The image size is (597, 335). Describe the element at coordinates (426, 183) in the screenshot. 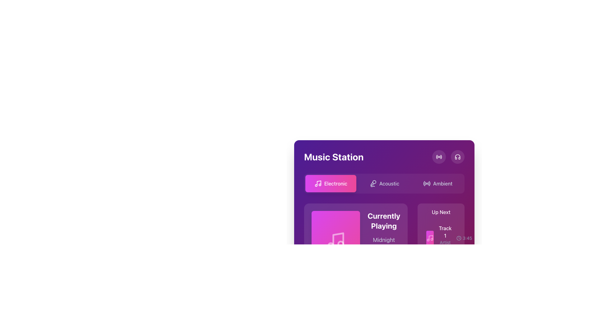

I see `the leftmost radio wave icon within the 'Ambient' selection button` at that location.